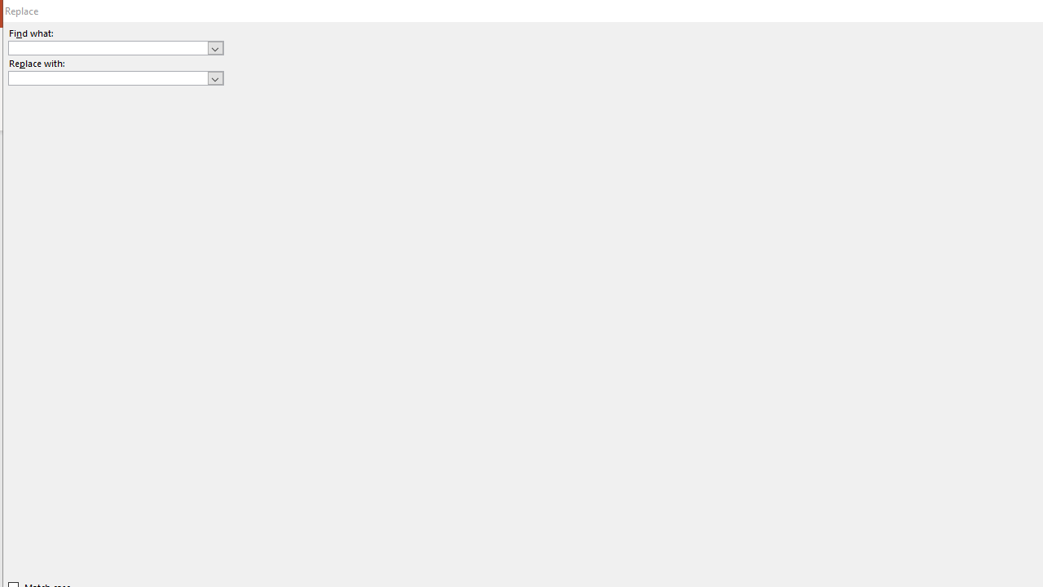  What do you see at coordinates (108, 47) in the screenshot?
I see `'Find what'` at bounding box center [108, 47].